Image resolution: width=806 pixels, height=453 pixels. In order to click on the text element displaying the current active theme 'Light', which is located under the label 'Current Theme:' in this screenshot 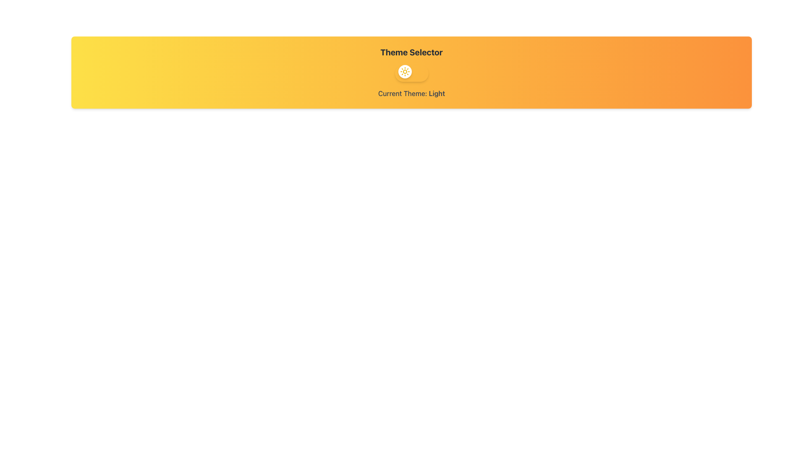, I will do `click(437, 94)`.